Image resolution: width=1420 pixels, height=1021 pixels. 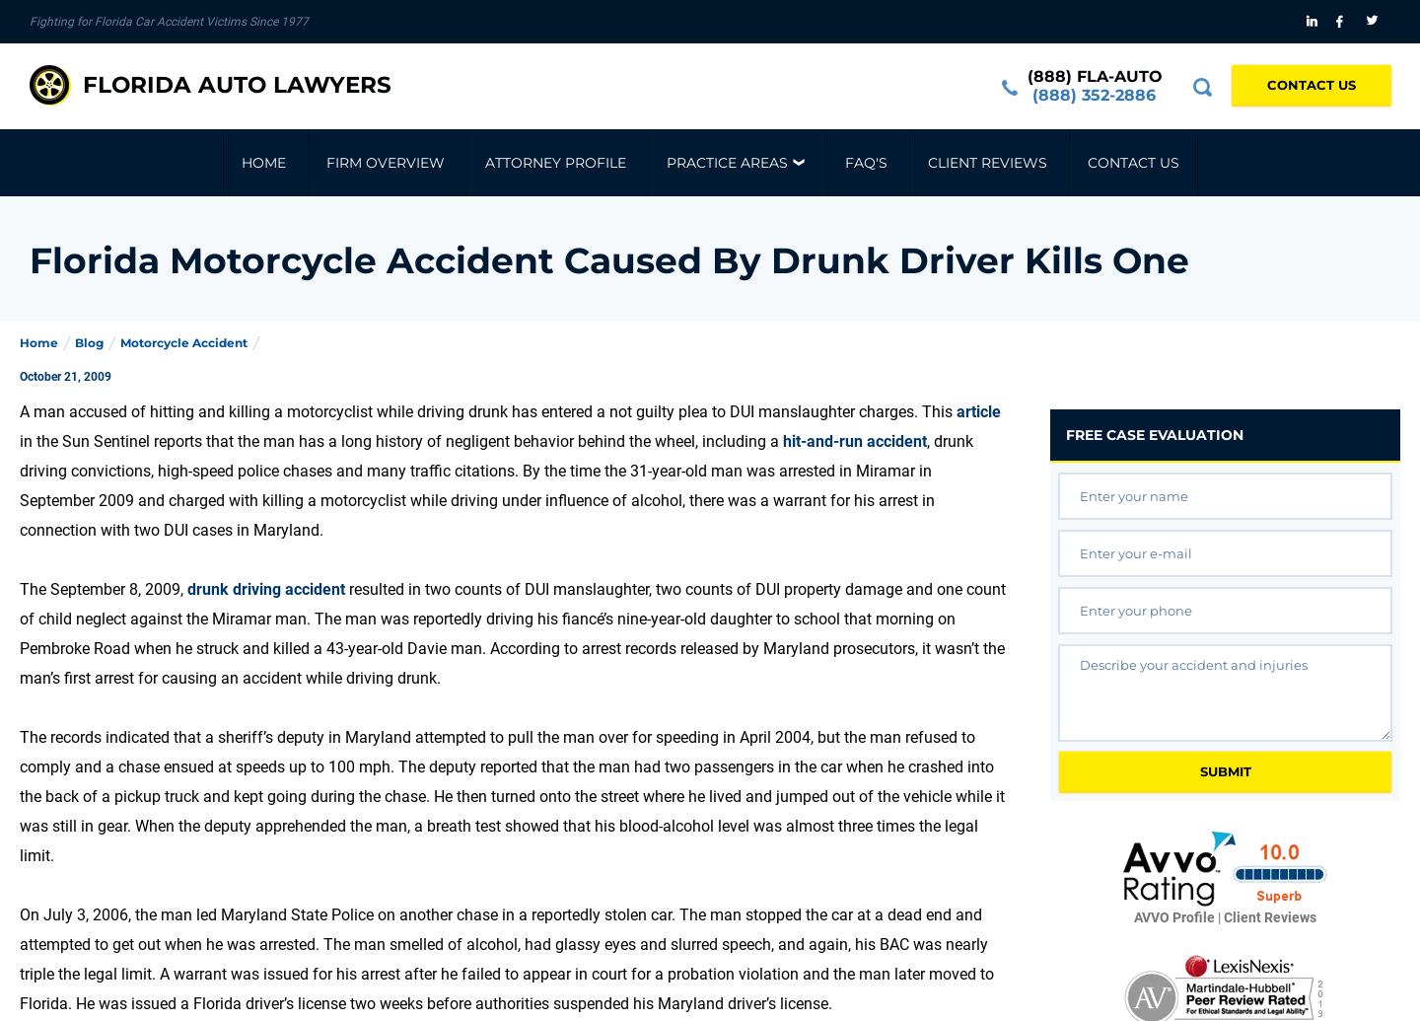 What do you see at coordinates (1218, 916) in the screenshot?
I see `'|'` at bounding box center [1218, 916].